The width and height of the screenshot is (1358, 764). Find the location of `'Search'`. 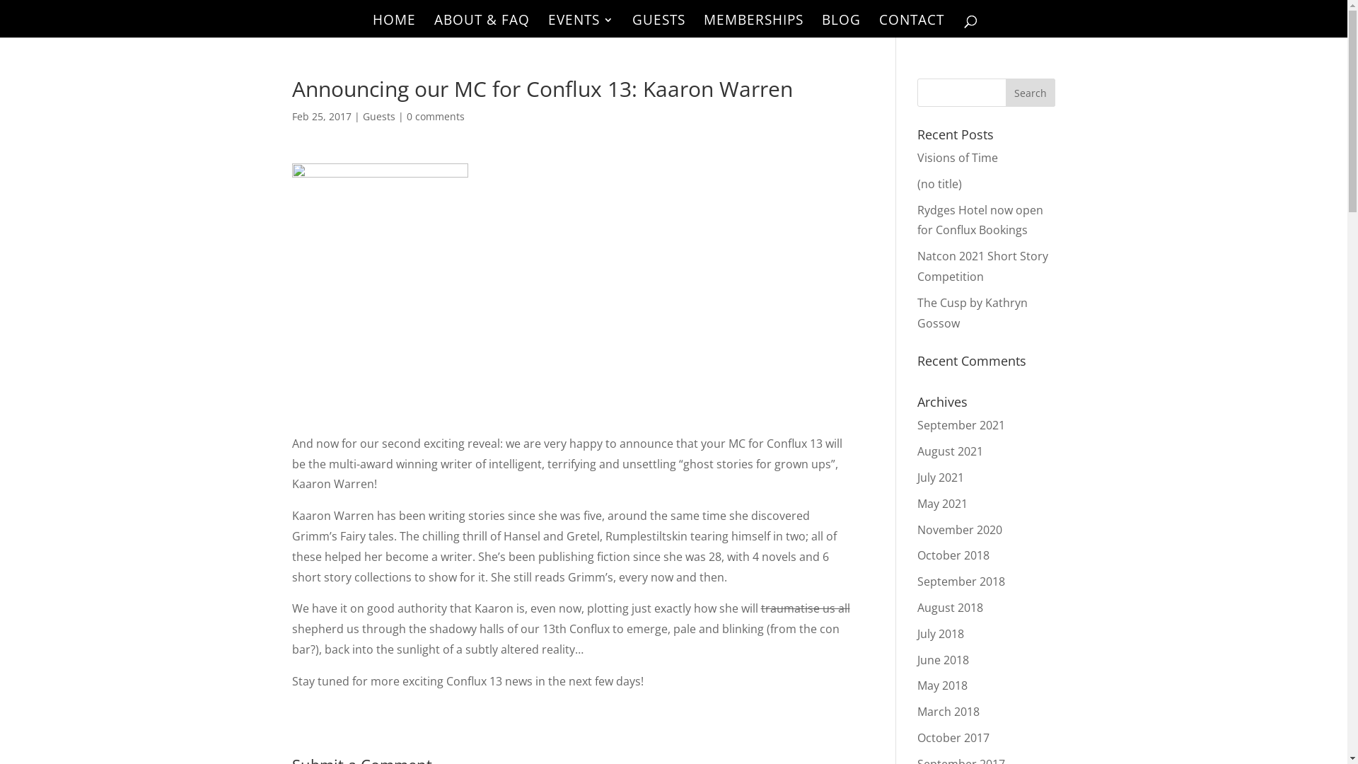

'Search' is located at coordinates (1031, 93).